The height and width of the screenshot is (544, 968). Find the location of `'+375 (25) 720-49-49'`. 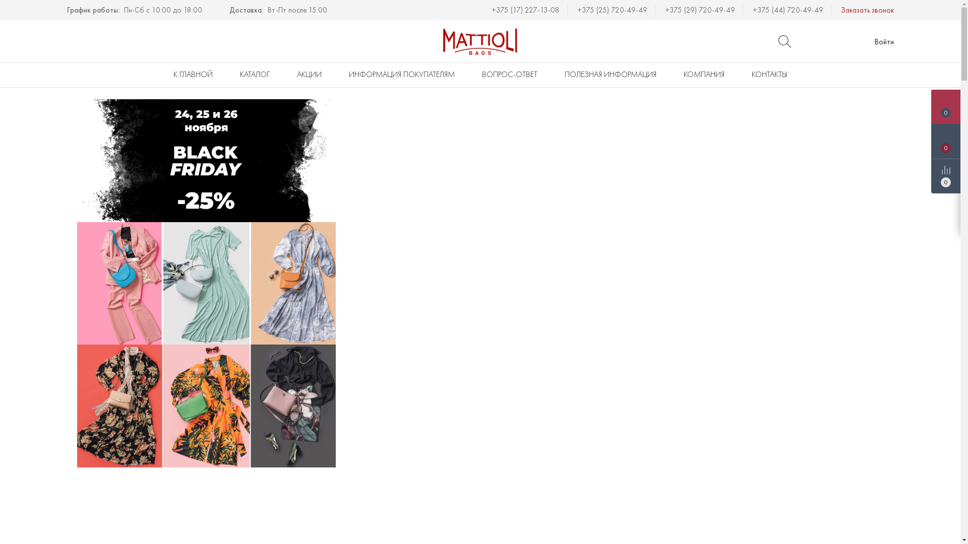

'+375 (25) 720-49-49' is located at coordinates (615, 10).